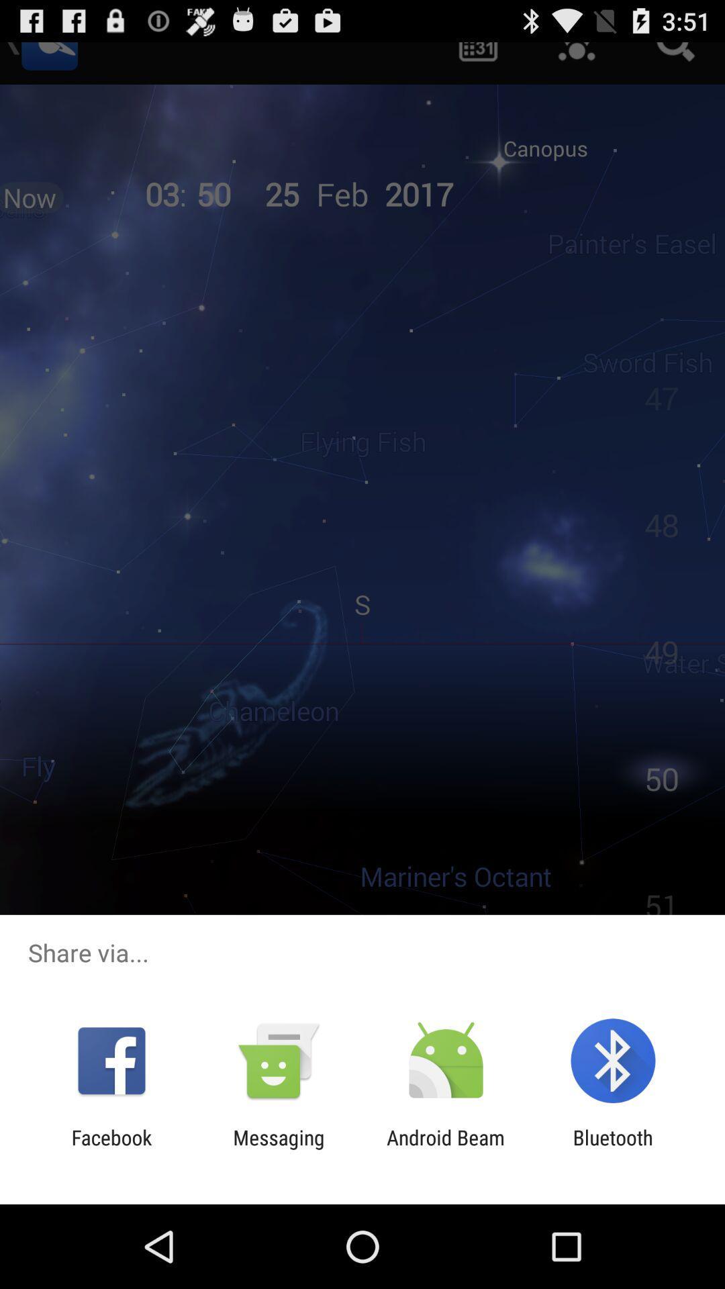  I want to click on the icon to the right of the messaging, so click(446, 1149).